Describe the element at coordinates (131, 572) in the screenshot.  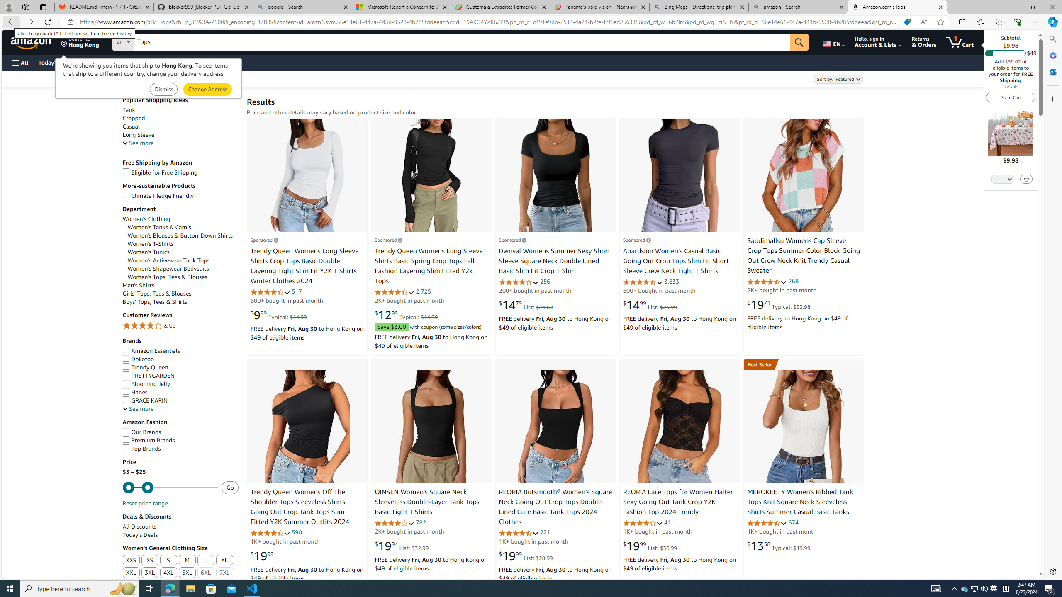
I see `'XXL'` at that location.